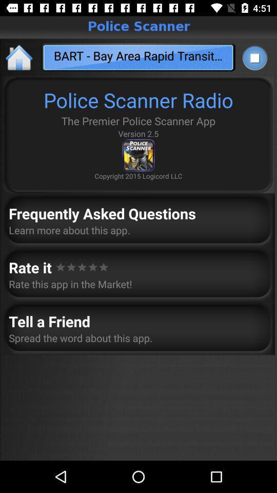  I want to click on the home menu, so click(19, 57).